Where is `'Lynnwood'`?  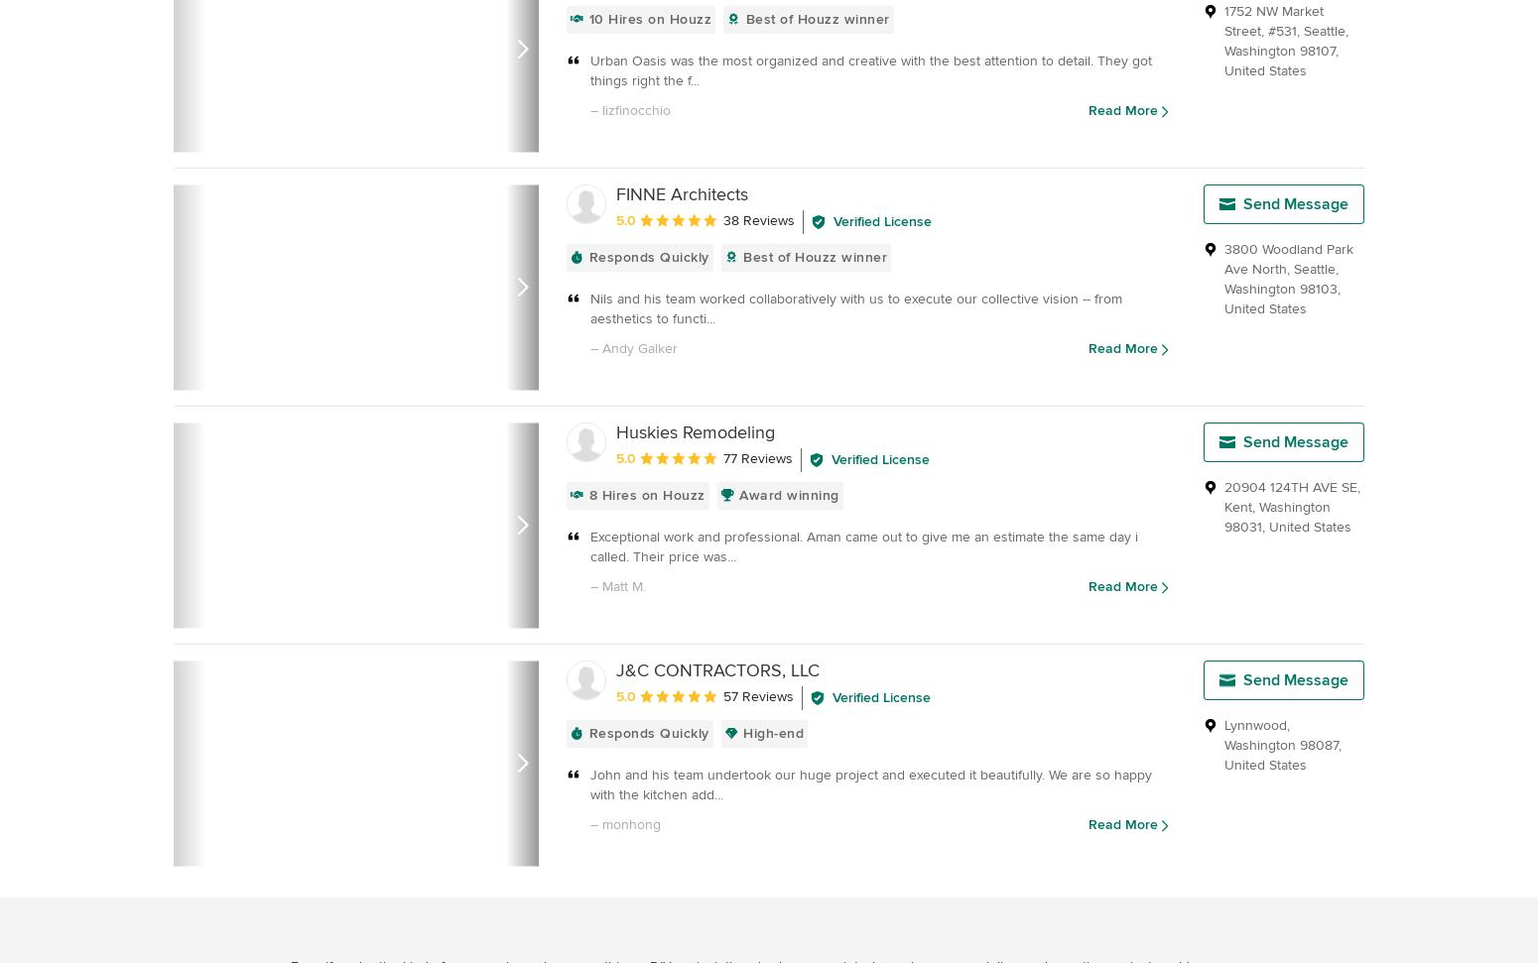 'Lynnwood' is located at coordinates (1254, 724).